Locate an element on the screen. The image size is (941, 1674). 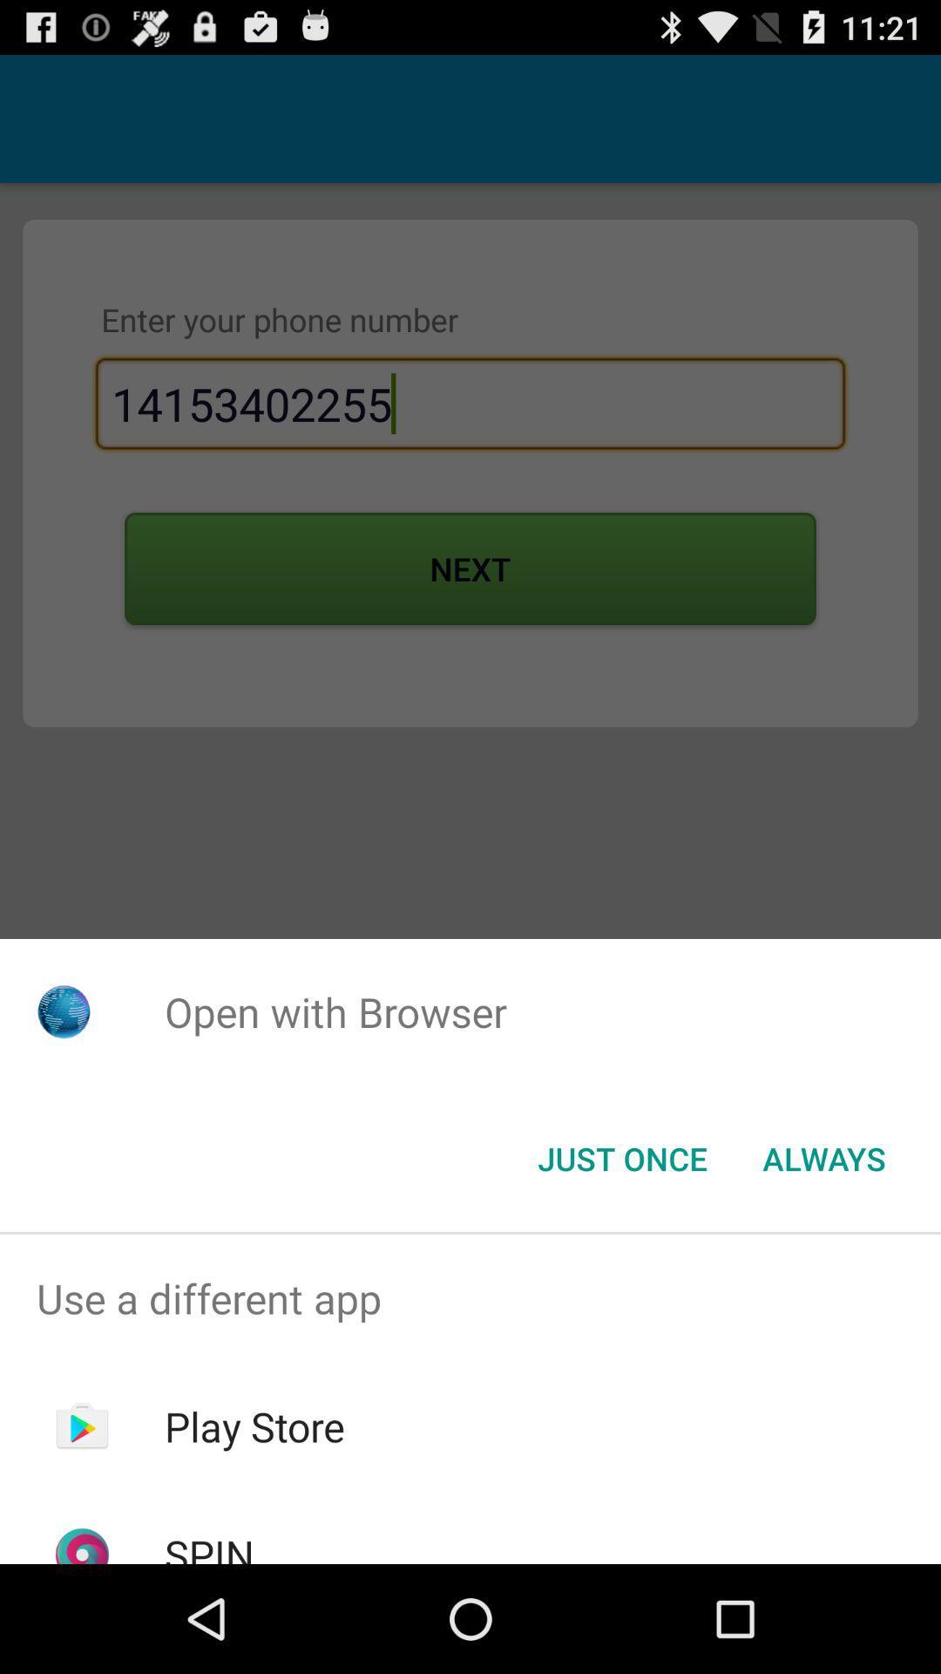
just once item is located at coordinates (621, 1159).